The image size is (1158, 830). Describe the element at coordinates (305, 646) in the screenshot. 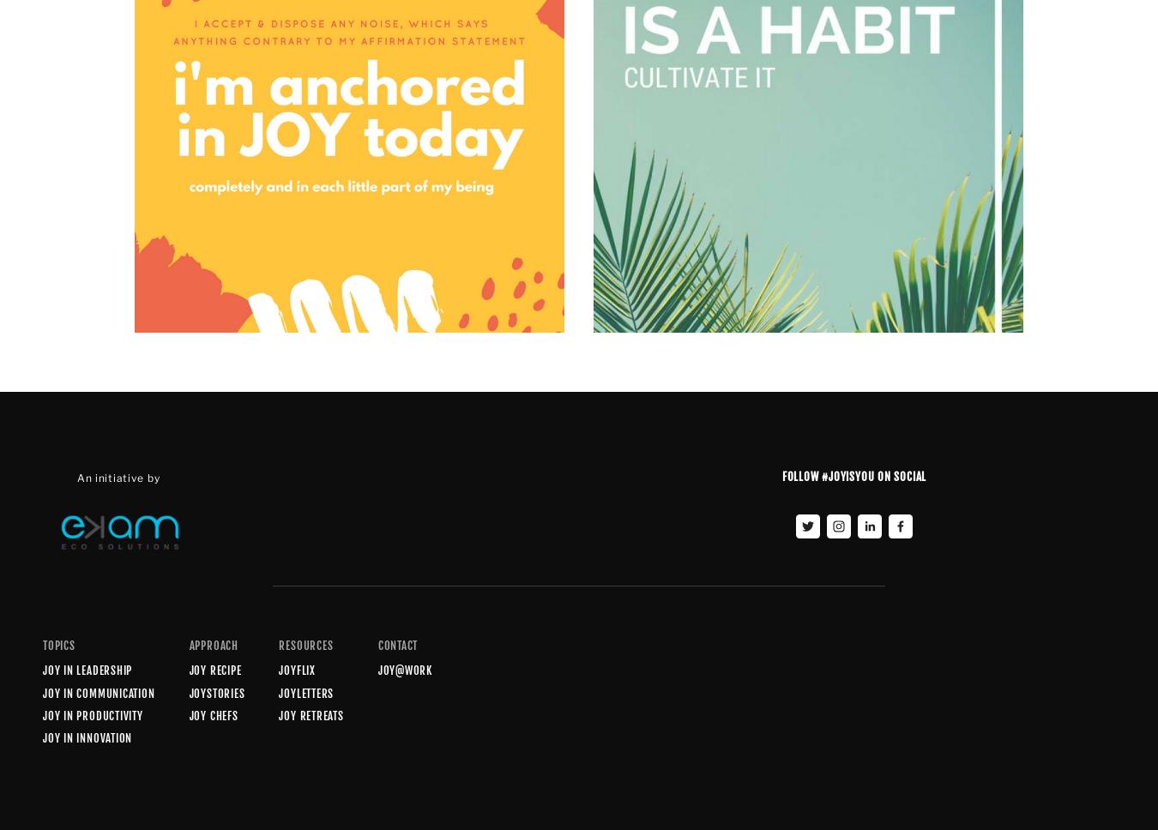

I see `'Resources'` at that location.